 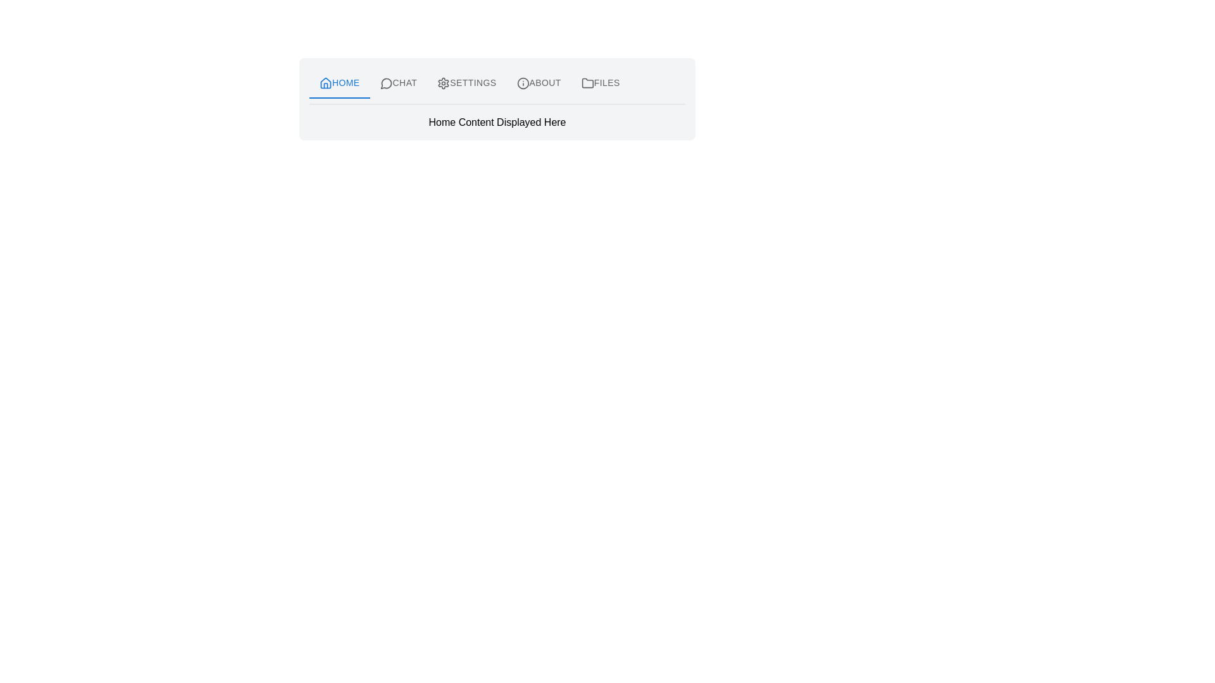 What do you see at coordinates (497, 122) in the screenshot?
I see `the horizontally-centered text label displaying 'Home Content Displayed Here', located directly below the navigation tab bar` at bounding box center [497, 122].